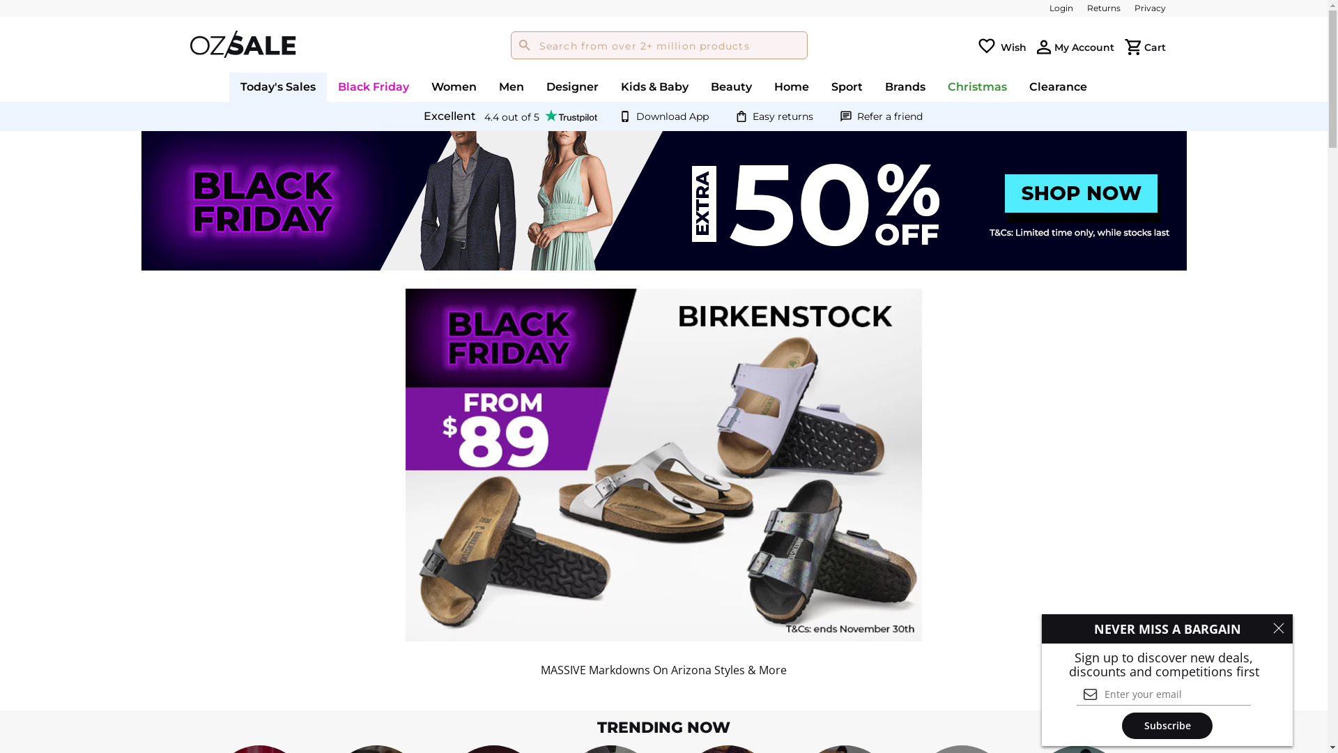 The height and width of the screenshot is (753, 1338). Describe the element at coordinates (1103, 8) in the screenshot. I see `'Returns'` at that location.